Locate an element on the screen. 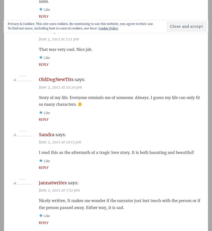  'Dan' is located at coordinates (43, 31).